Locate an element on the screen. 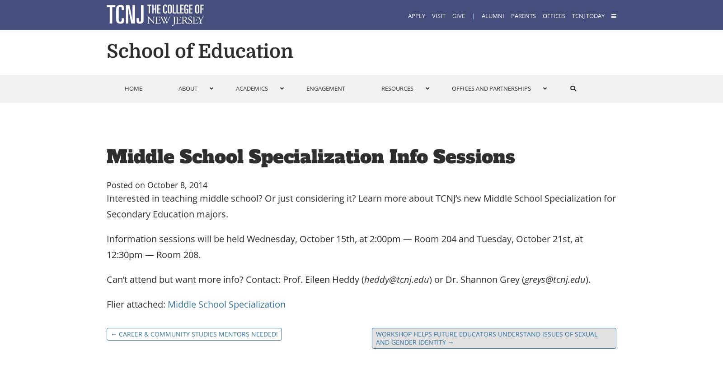  'heddy@tcnj.edu' is located at coordinates (396, 279).